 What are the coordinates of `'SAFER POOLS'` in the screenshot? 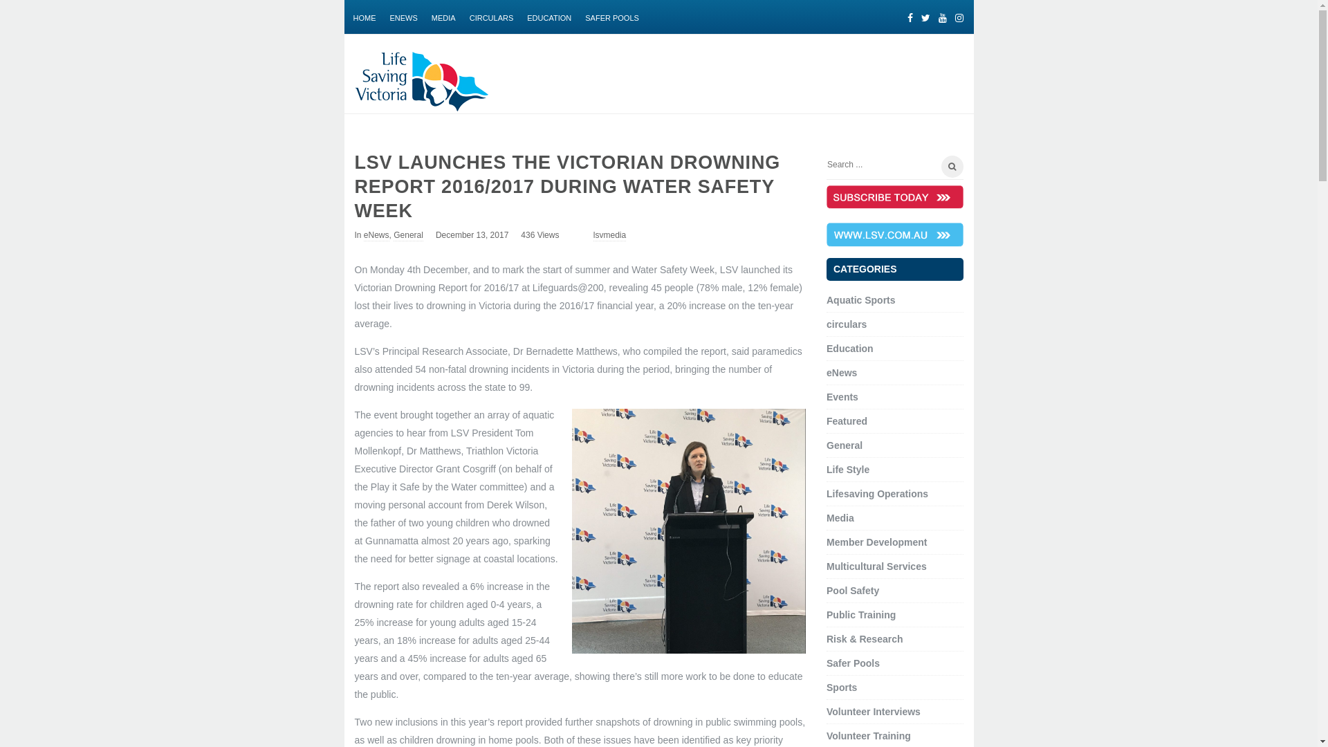 It's located at (611, 17).